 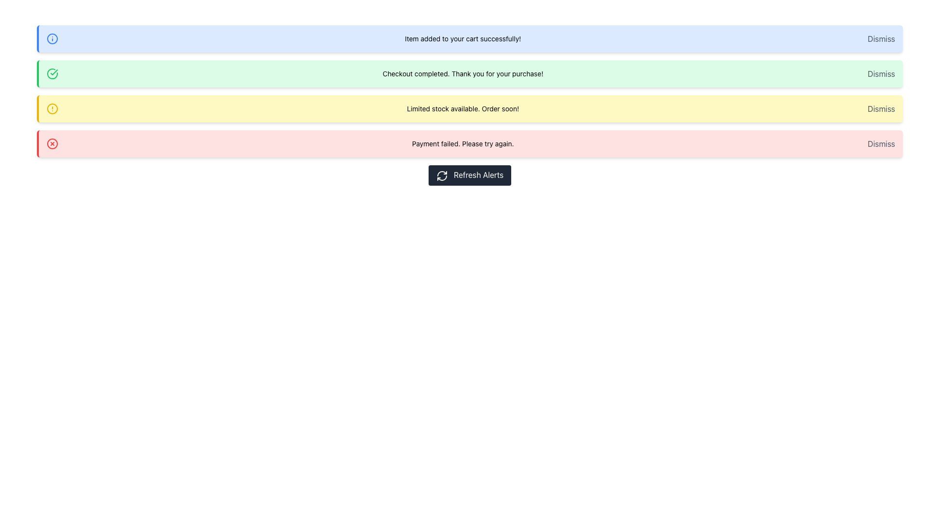 I want to click on the refresh button located below the notification banners to update the alerts, so click(x=469, y=174).